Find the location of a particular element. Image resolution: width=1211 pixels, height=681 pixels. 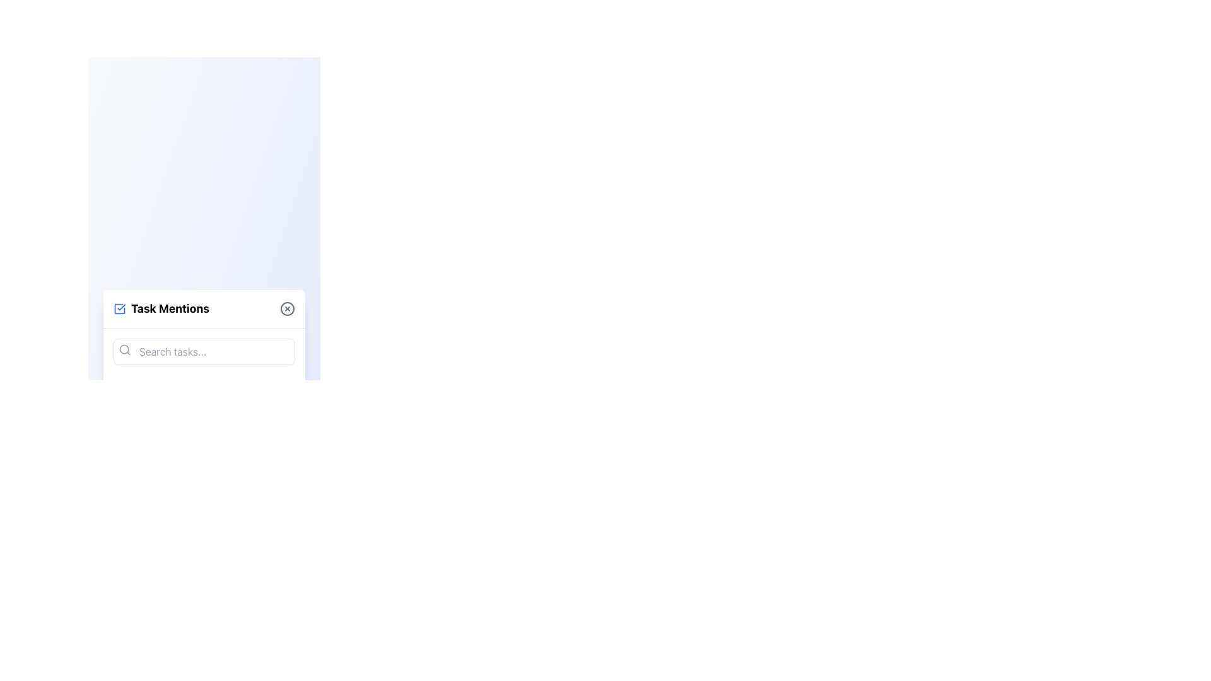

the largest circular graphic element located in the bottom-left corner of the 'Task Mentions' floating panel is located at coordinates (129, 392).